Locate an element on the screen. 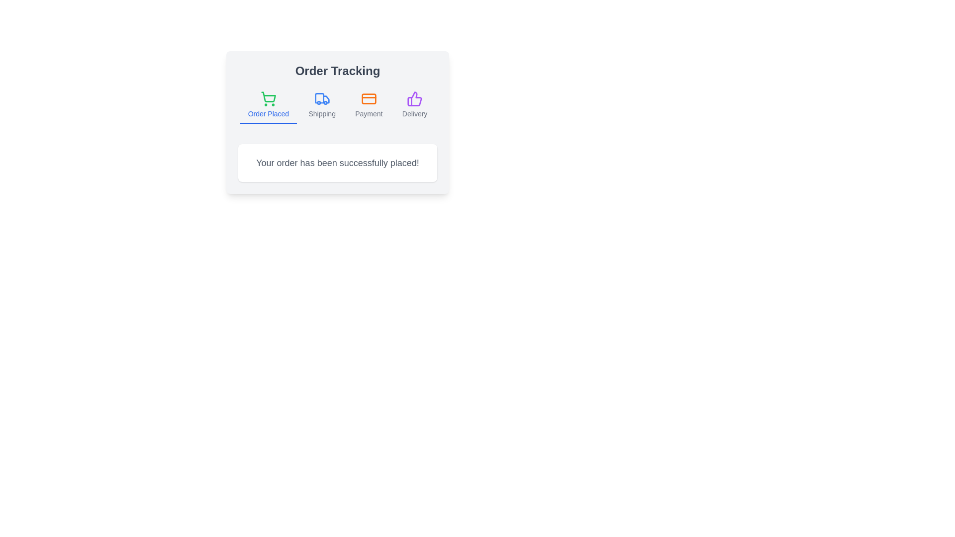 This screenshot has height=537, width=955. the tab labeled Payment to activate it is located at coordinates (368, 105).